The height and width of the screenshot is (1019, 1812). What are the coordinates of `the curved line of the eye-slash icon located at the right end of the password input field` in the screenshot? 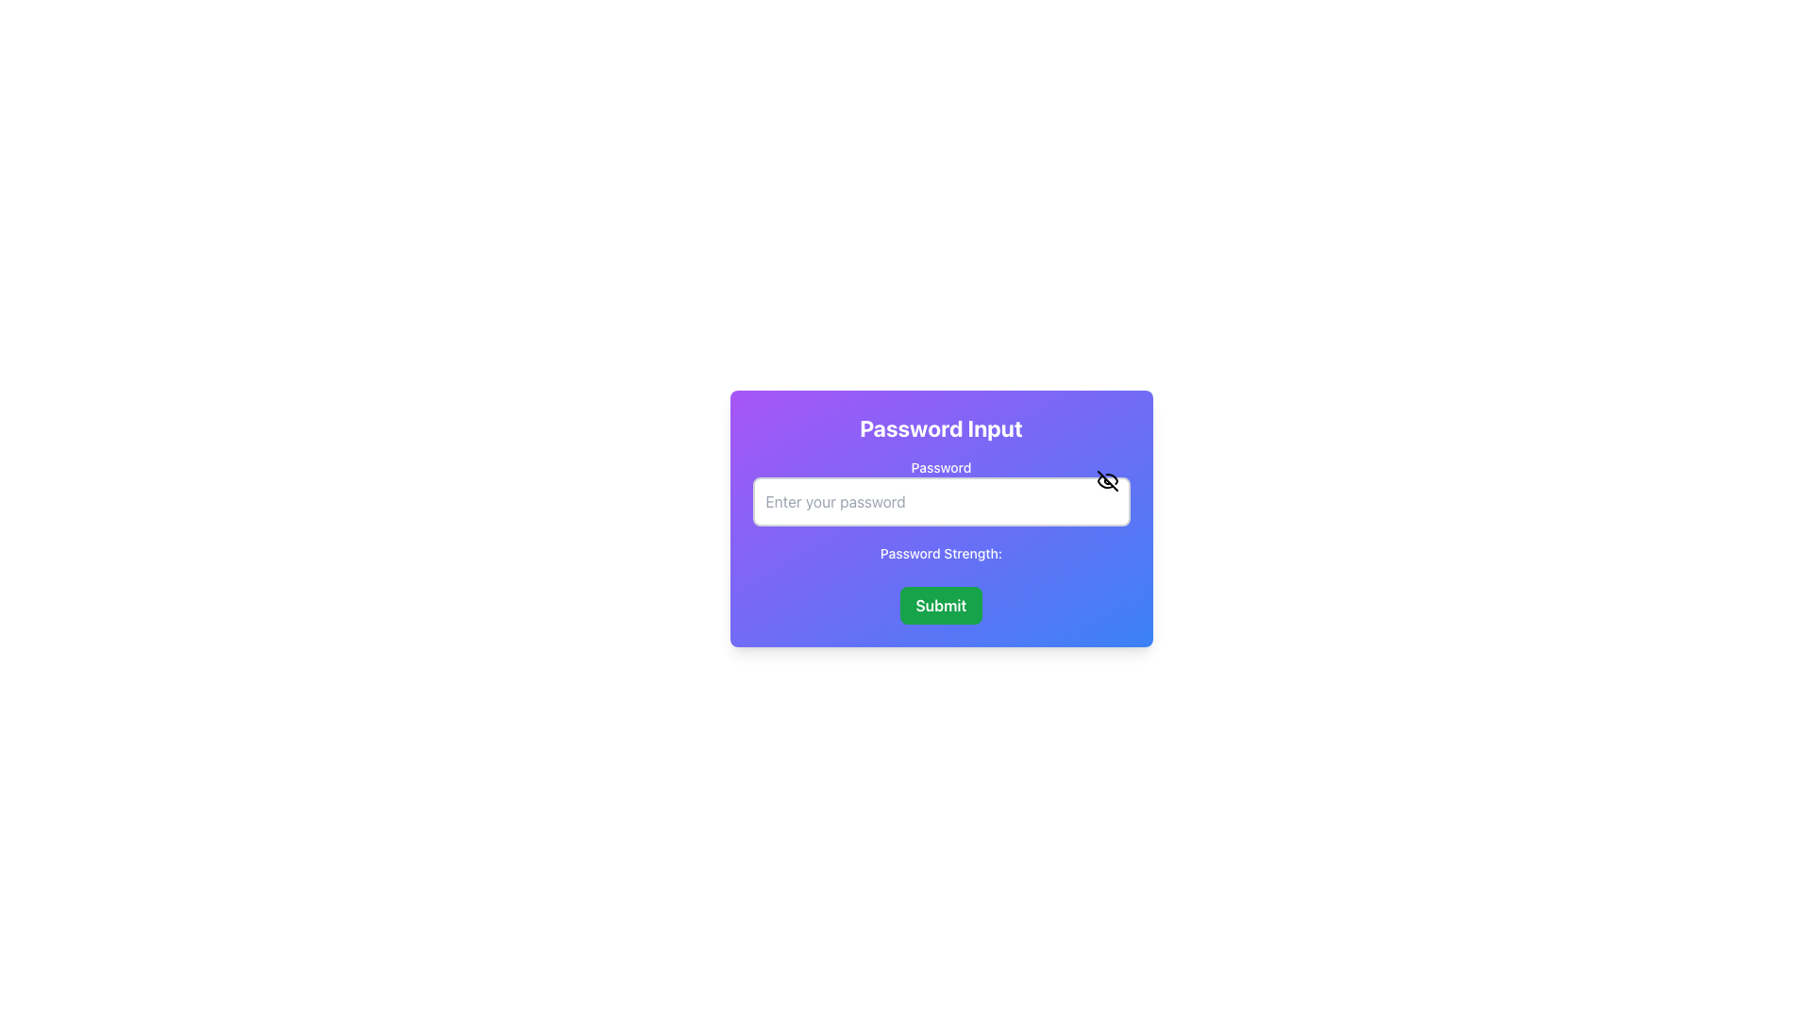 It's located at (1111, 477).